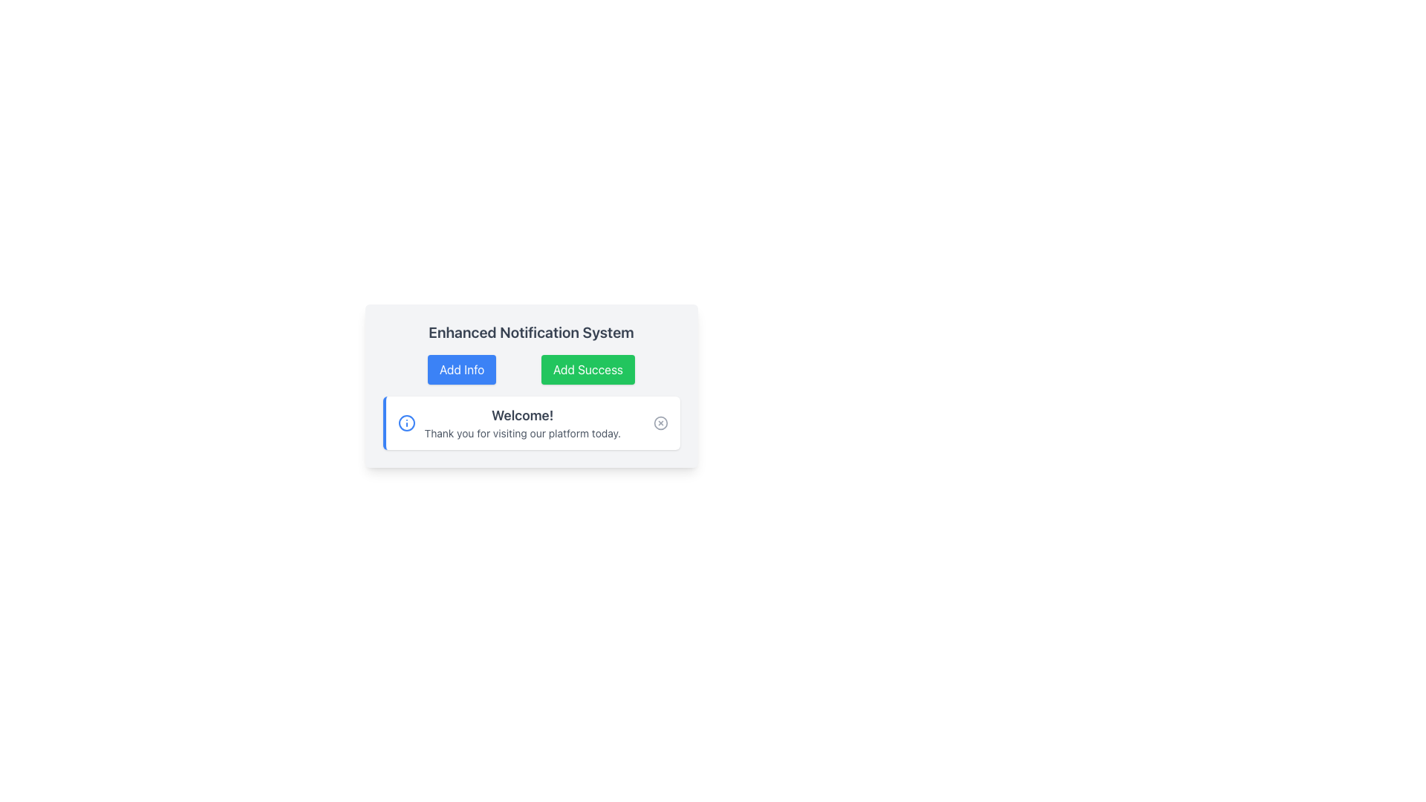  What do you see at coordinates (461, 368) in the screenshot?
I see `the 'Add Info' button, which is a rectangular button with white text on a blue background, positioned to the left of the 'Add Success' button` at bounding box center [461, 368].